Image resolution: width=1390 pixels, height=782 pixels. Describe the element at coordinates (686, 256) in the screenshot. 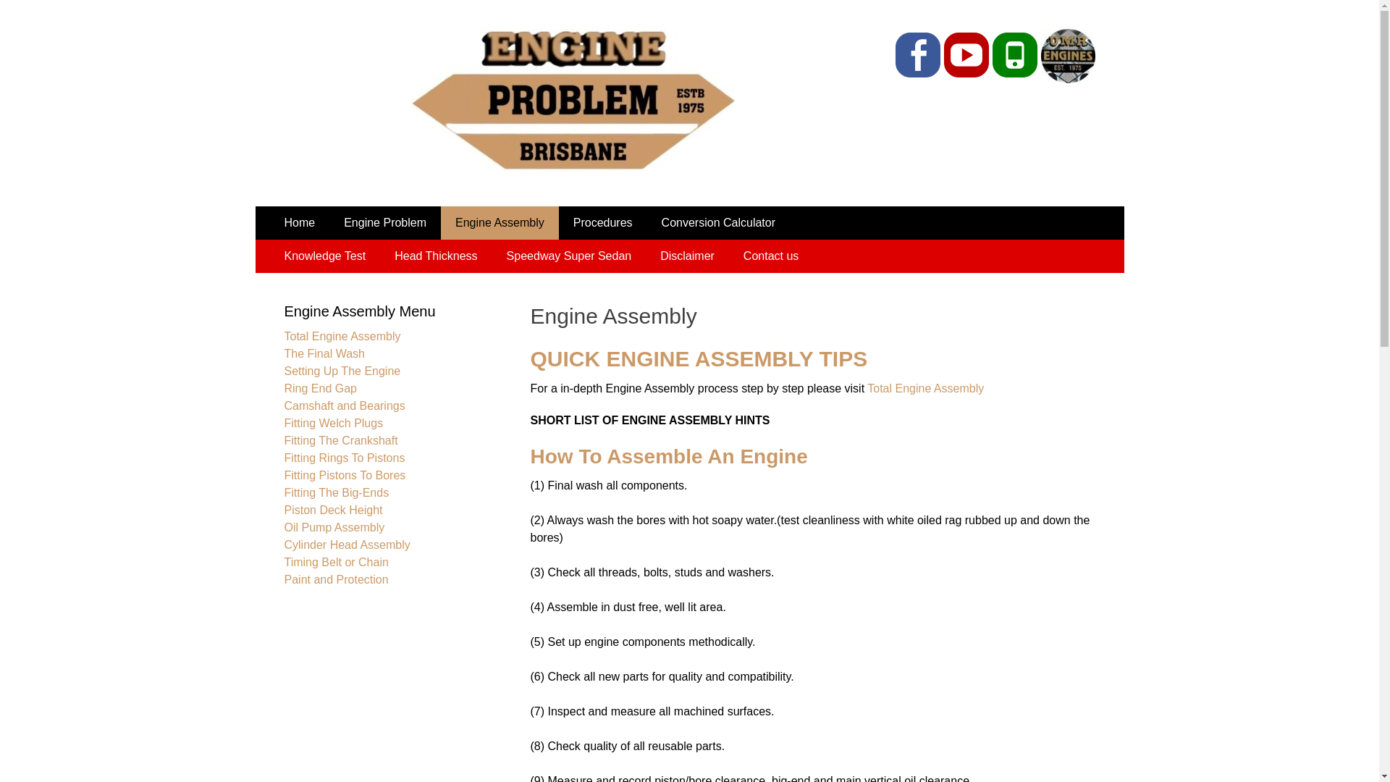

I see `'Disclaimer'` at that location.